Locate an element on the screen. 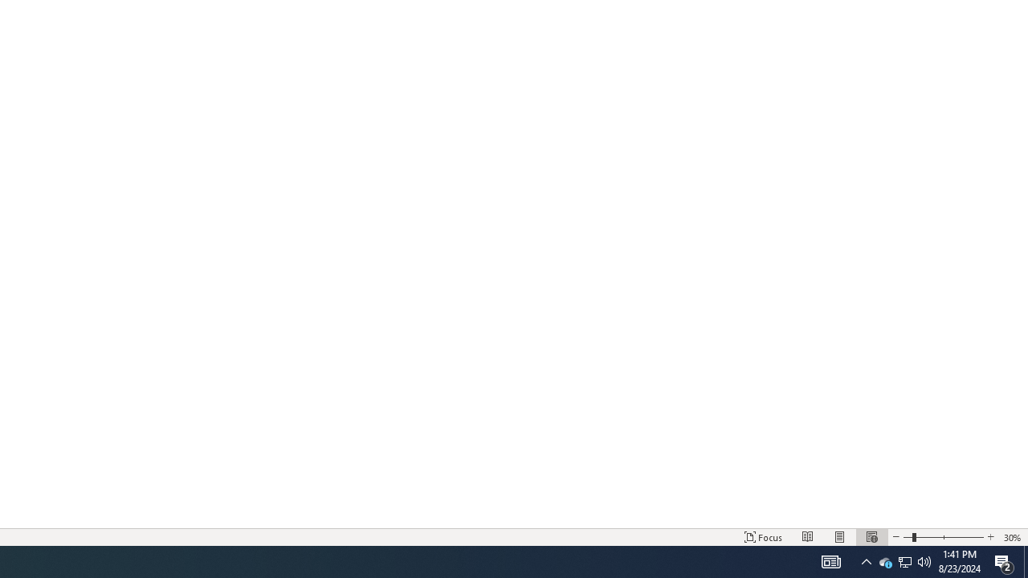 This screenshot has height=578, width=1028. 'Focus ' is located at coordinates (763, 537).